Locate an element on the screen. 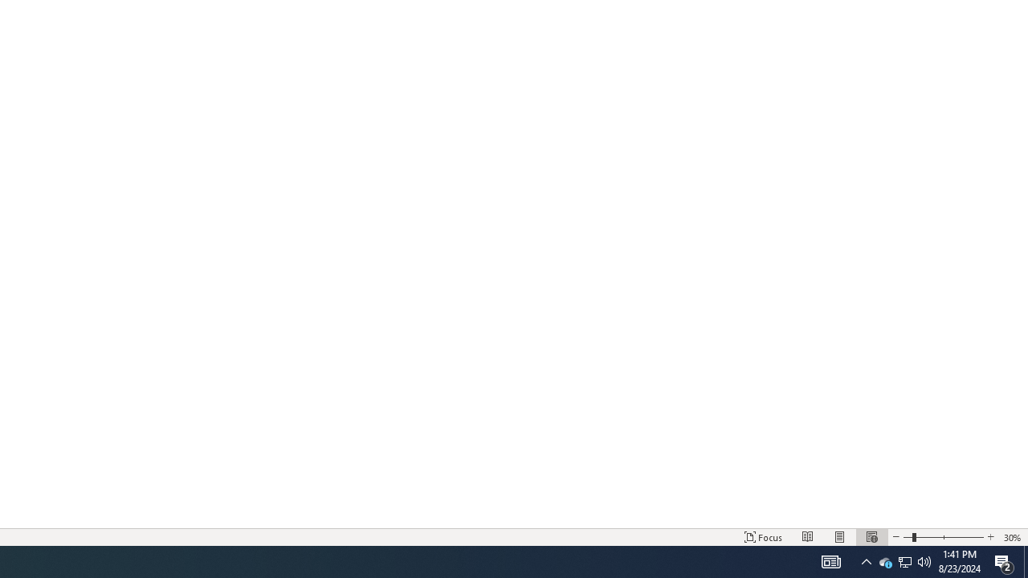 This screenshot has height=578, width=1028. 'Focus ' is located at coordinates (763, 537).